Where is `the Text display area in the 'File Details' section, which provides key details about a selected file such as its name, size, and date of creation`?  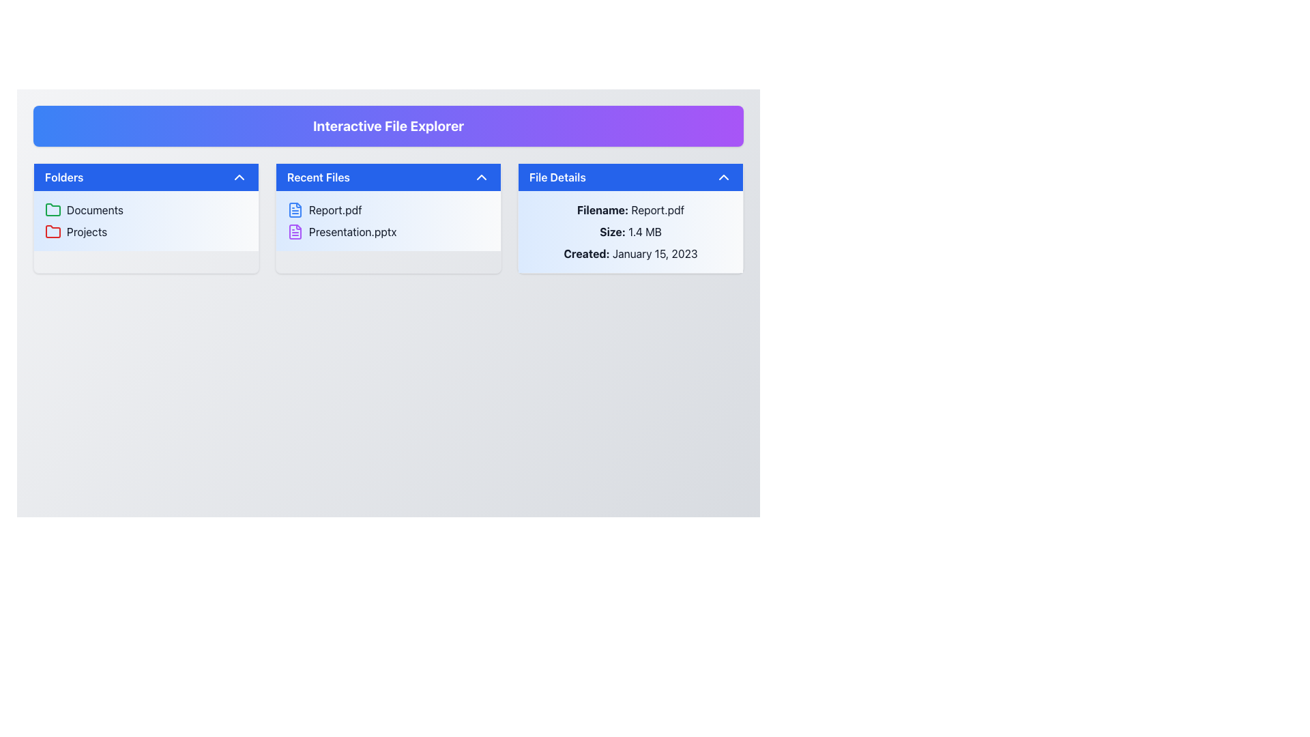
the Text display area in the 'File Details' section, which provides key details about a selected file such as its name, size, and date of creation is located at coordinates (630, 231).